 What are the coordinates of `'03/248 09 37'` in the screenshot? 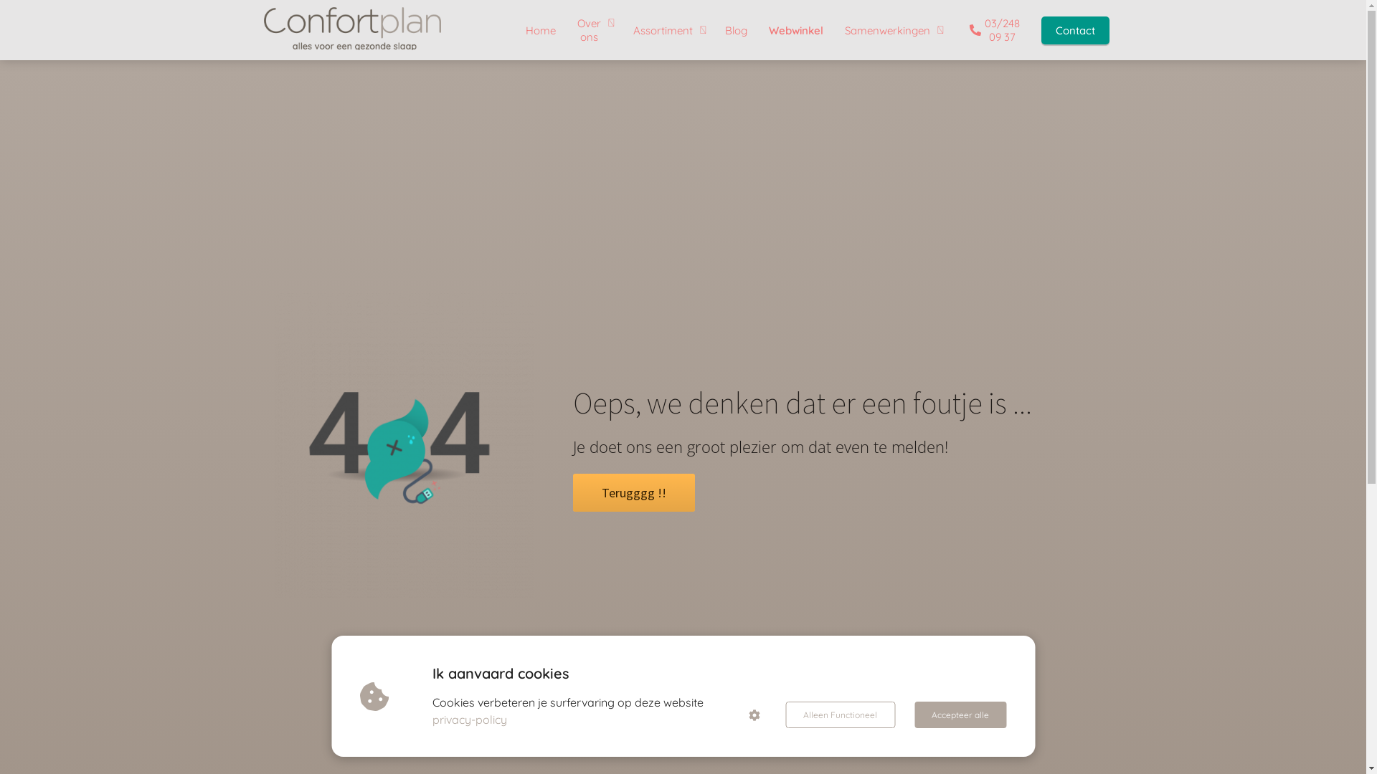 It's located at (990, 30).